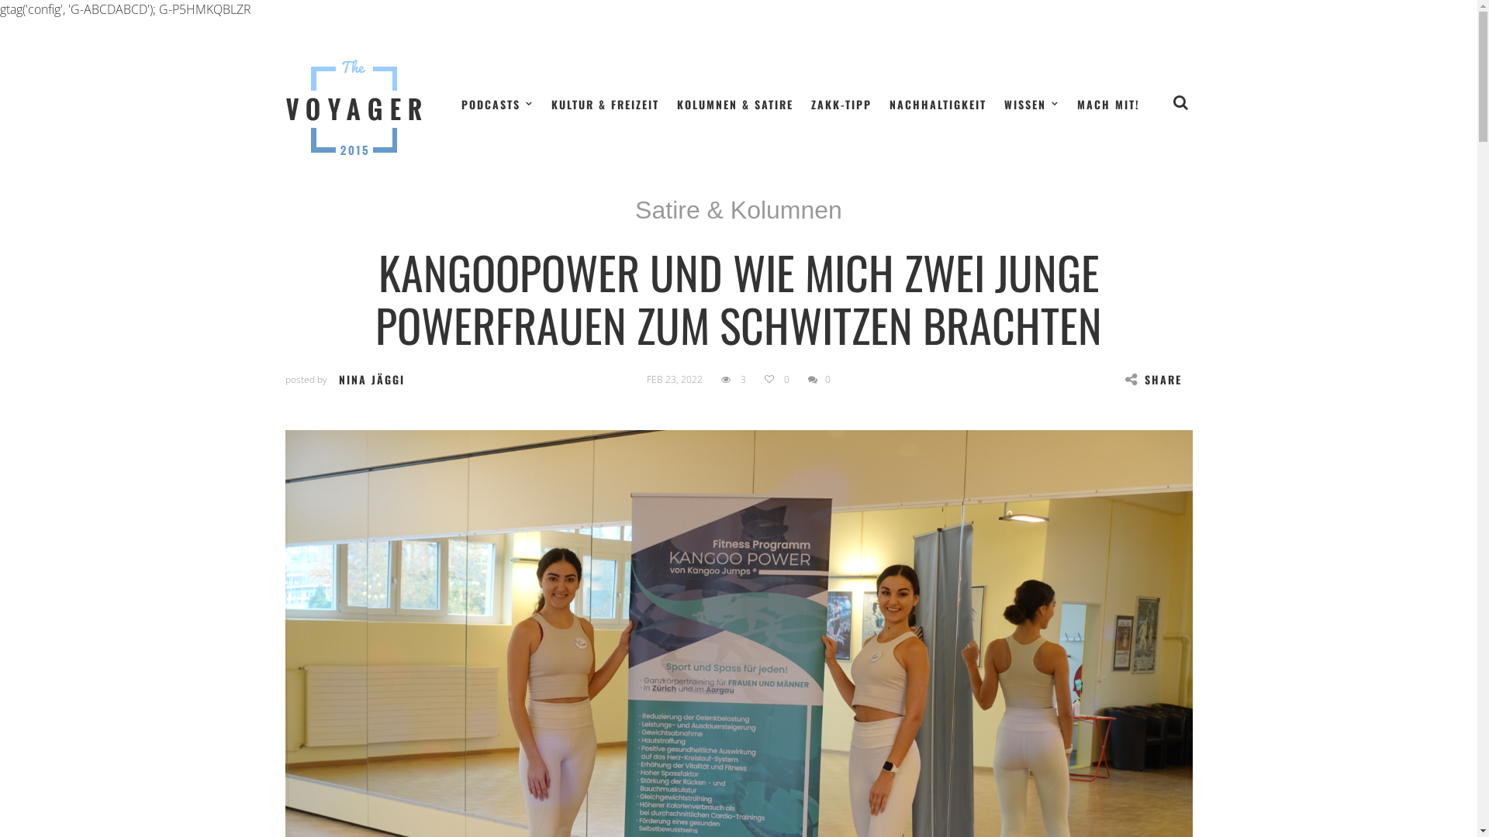 Image resolution: width=1489 pixels, height=837 pixels. What do you see at coordinates (1031, 105) in the screenshot?
I see `'WISSEN'` at bounding box center [1031, 105].